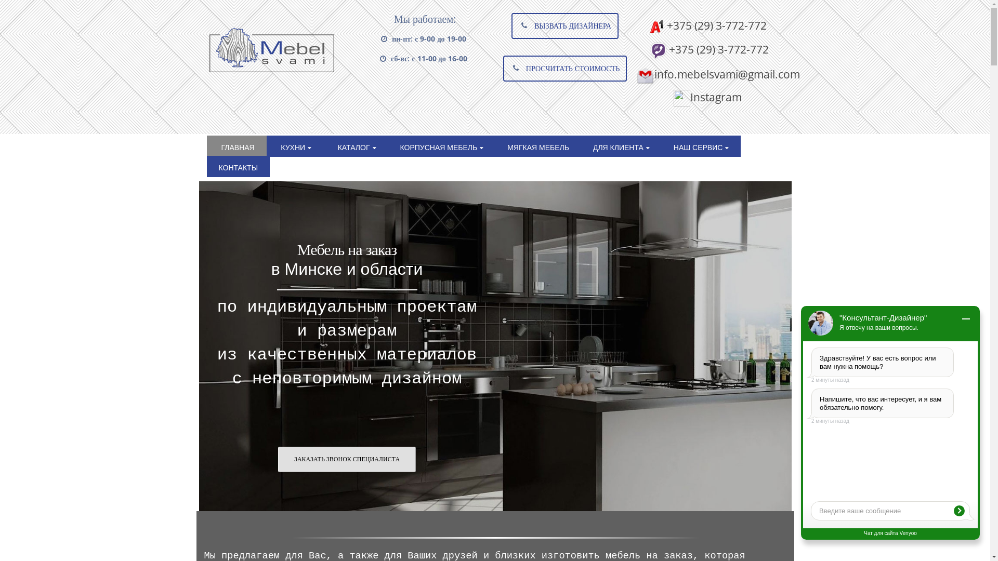 The height and width of the screenshot is (561, 998). Describe the element at coordinates (648, 24) in the screenshot. I see `'+375 (29) 3-772-772'` at that location.